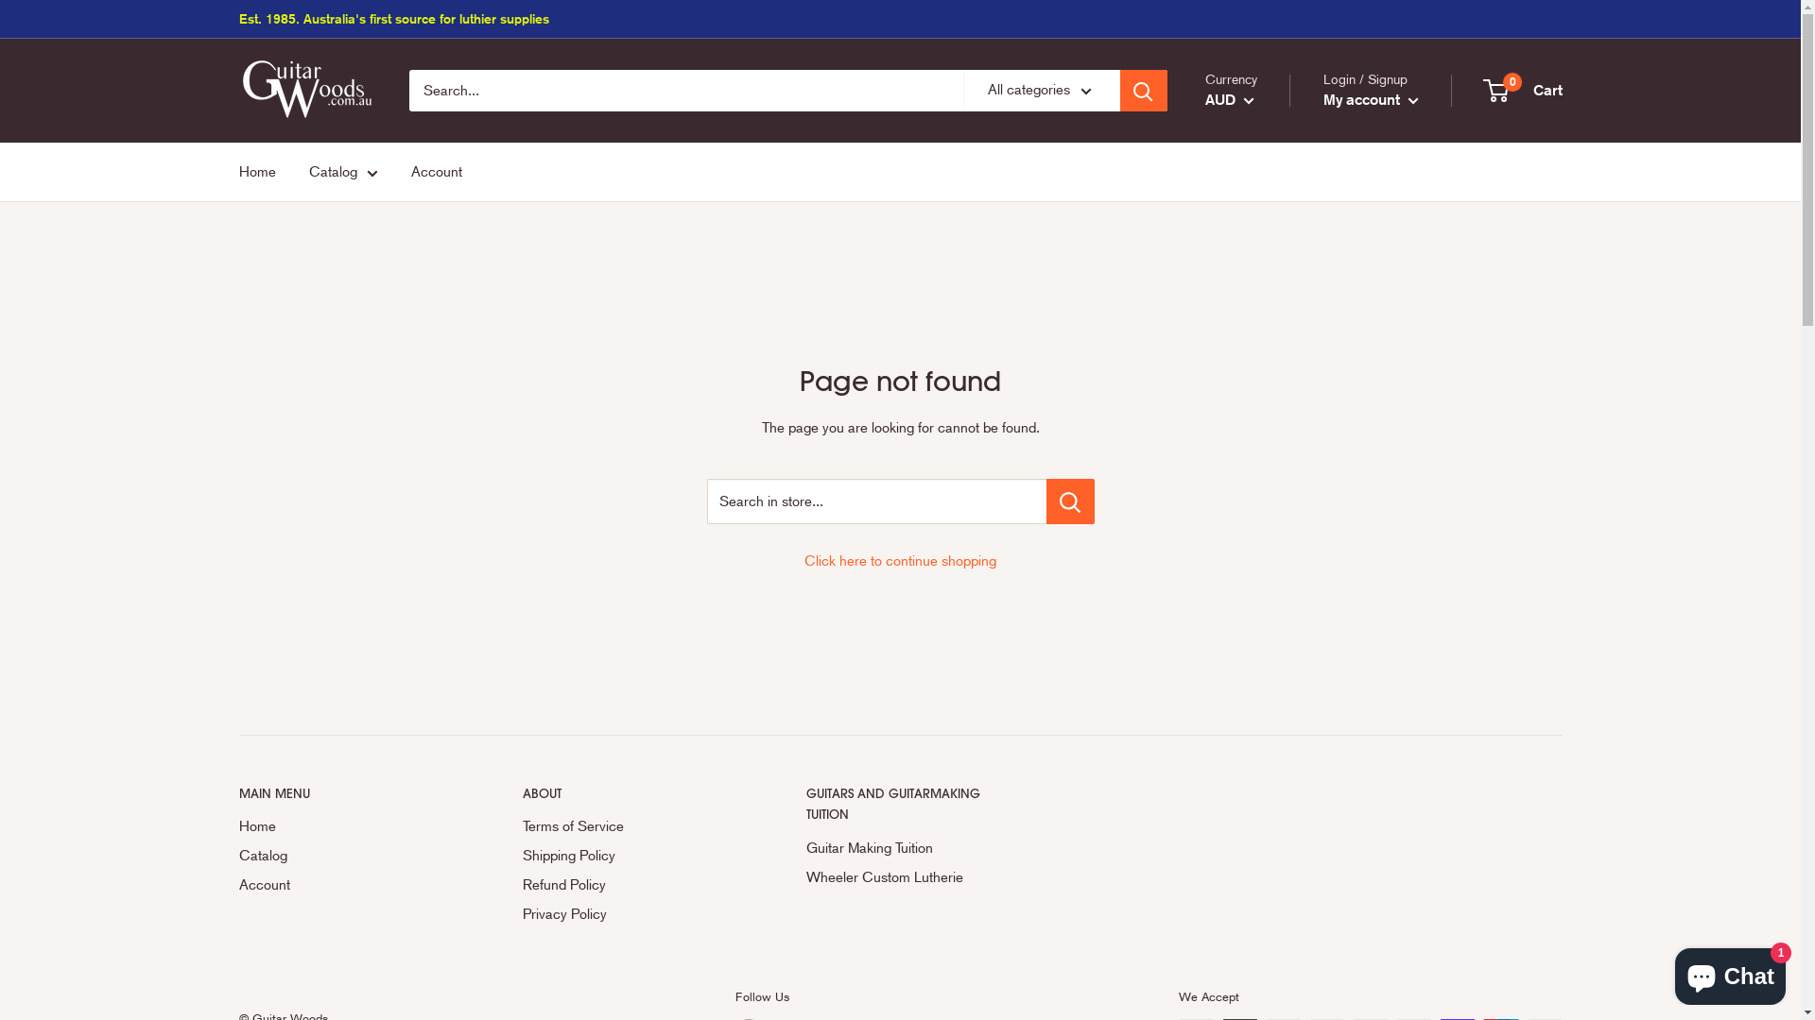 The height and width of the screenshot is (1020, 1815). What do you see at coordinates (913, 804) in the screenshot?
I see `'GUITARS AND GUITARMAKING TUITION'` at bounding box center [913, 804].